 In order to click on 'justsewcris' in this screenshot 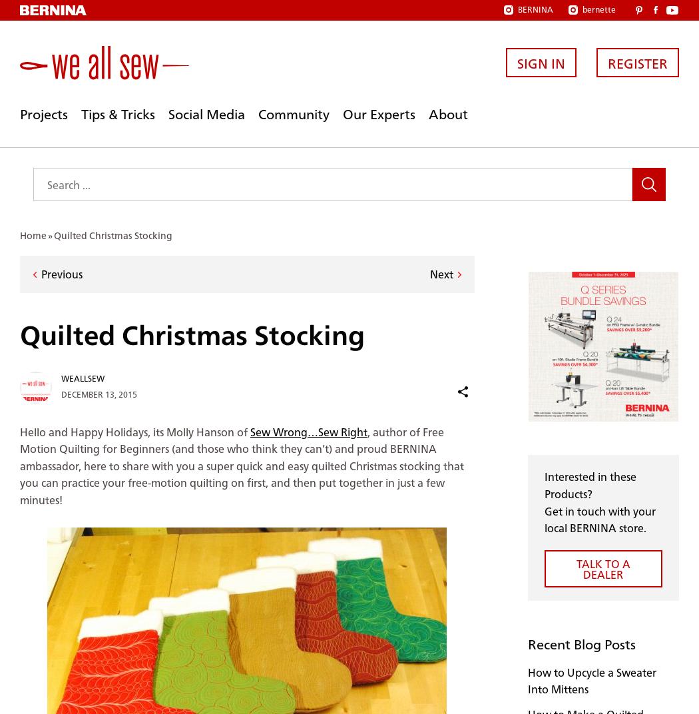, I will do `click(62, 220)`.